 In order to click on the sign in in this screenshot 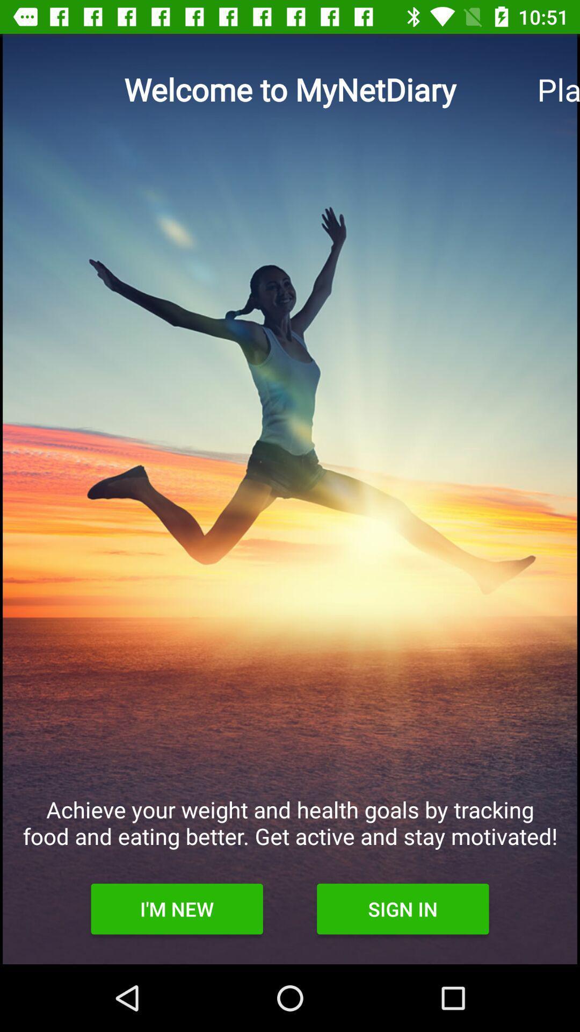, I will do `click(403, 908)`.